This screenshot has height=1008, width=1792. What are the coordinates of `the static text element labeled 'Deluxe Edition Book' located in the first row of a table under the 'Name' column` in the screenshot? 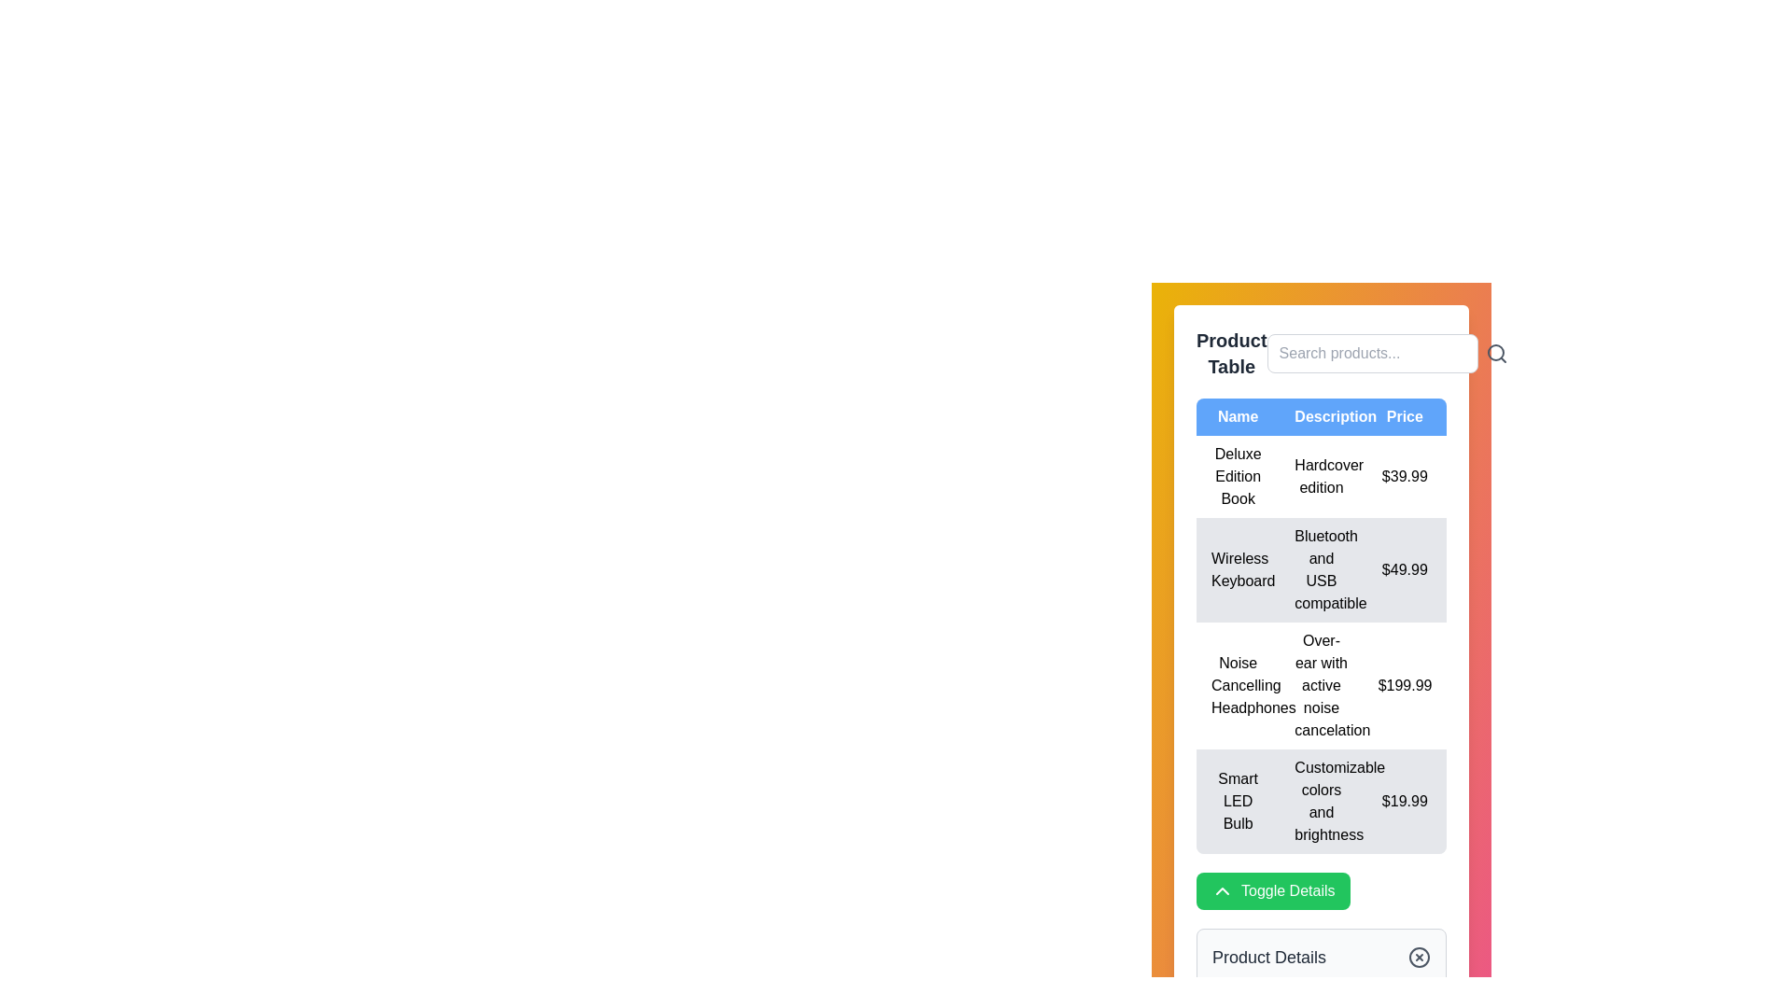 It's located at (1238, 475).